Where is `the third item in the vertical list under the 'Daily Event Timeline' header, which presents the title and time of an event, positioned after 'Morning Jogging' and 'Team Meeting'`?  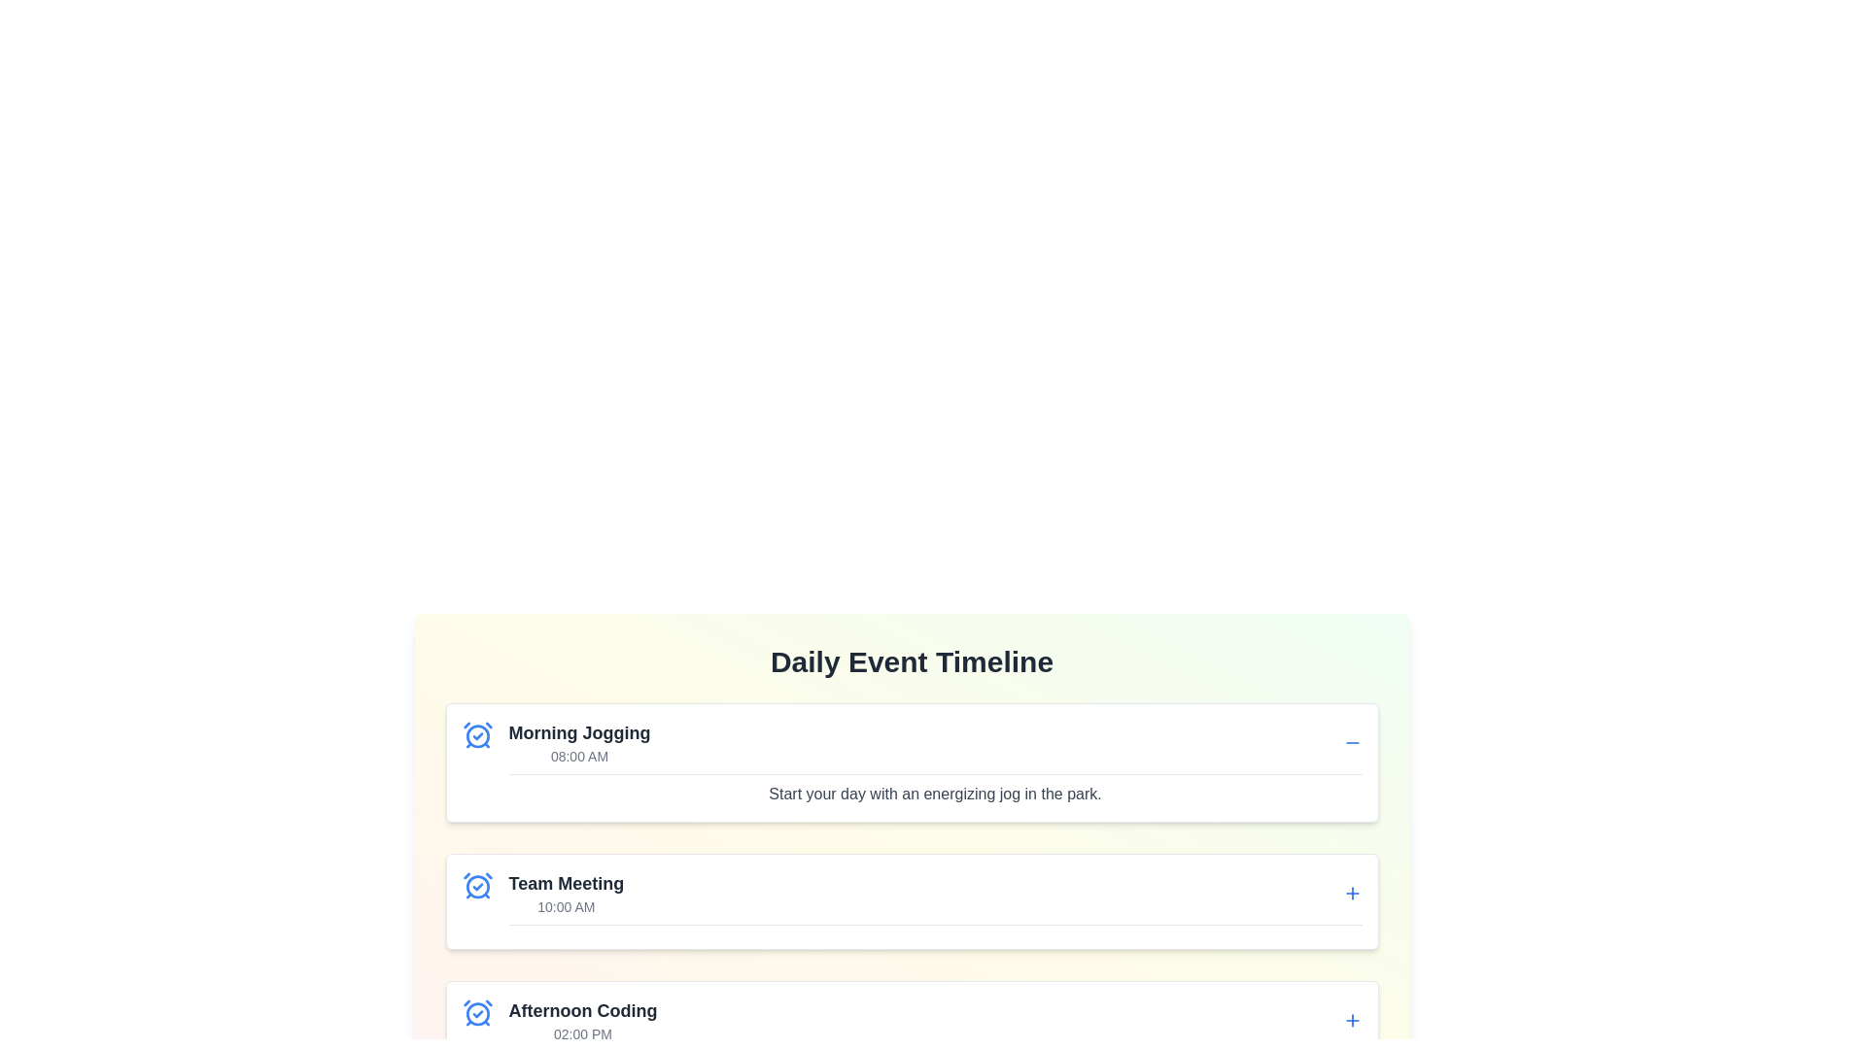 the third item in the vertical list under the 'Daily Event Timeline' header, which presents the title and time of an event, positioned after 'Morning Jogging' and 'Team Meeting' is located at coordinates (582, 1019).